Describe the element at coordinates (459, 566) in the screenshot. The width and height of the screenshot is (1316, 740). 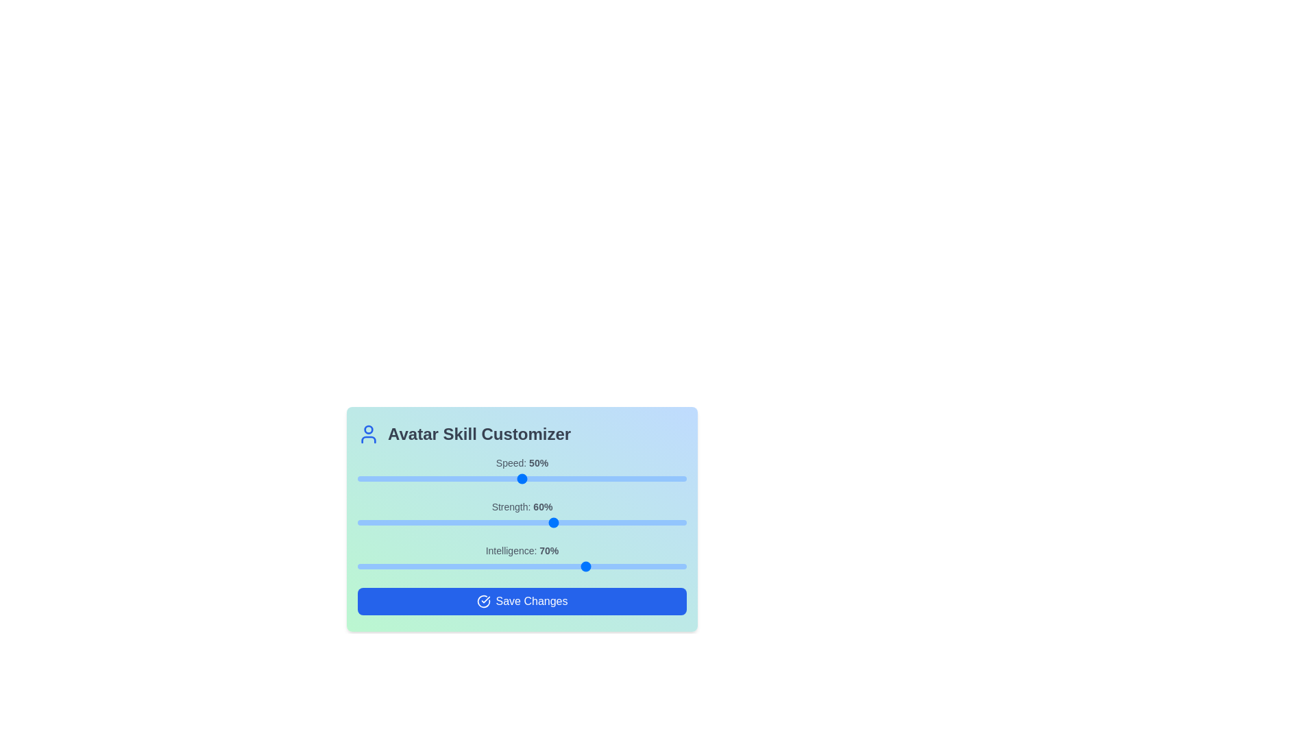
I see `the slider` at that location.